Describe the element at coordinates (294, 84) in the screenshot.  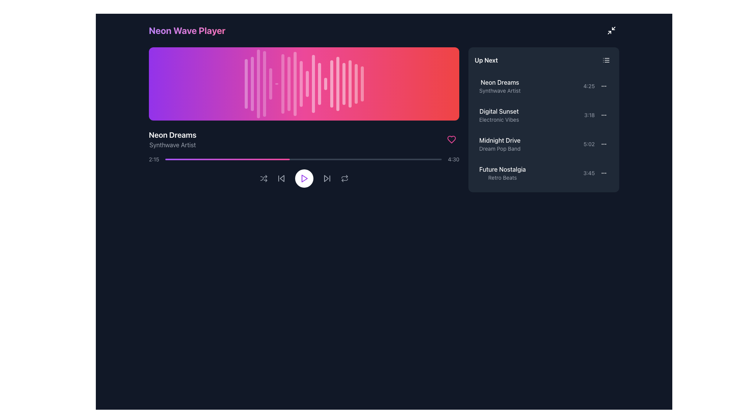
I see `the ninth vertical waveform bar, which is styled with a white color and semi-transparent appearance, located within the audio player interface` at that location.